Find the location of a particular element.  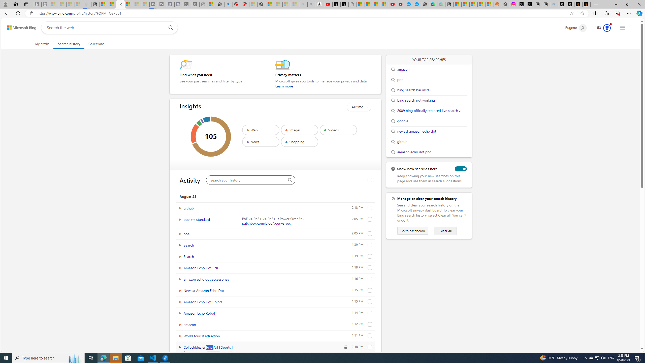

'X Privacy Policy' is located at coordinates (586, 4).